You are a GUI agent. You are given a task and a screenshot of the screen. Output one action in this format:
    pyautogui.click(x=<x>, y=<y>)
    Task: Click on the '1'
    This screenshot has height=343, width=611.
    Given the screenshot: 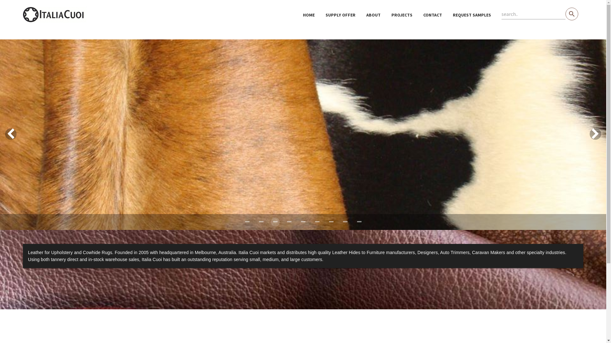 What is the action you would take?
    pyautogui.click(x=261, y=221)
    